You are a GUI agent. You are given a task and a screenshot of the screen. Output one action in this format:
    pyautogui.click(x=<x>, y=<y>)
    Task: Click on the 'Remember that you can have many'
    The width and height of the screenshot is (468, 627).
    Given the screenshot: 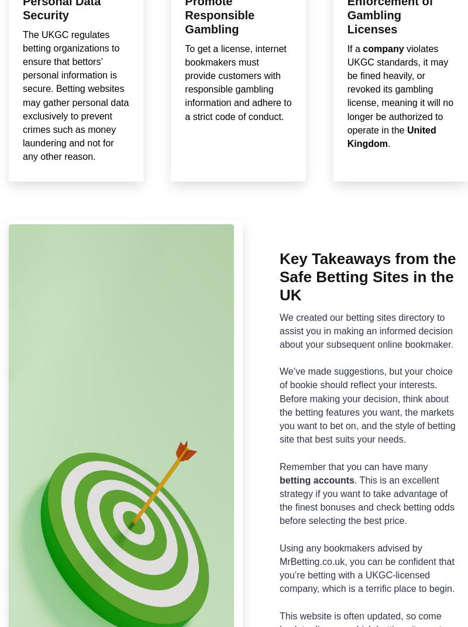 What is the action you would take?
    pyautogui.click(x=280, y=465)
    